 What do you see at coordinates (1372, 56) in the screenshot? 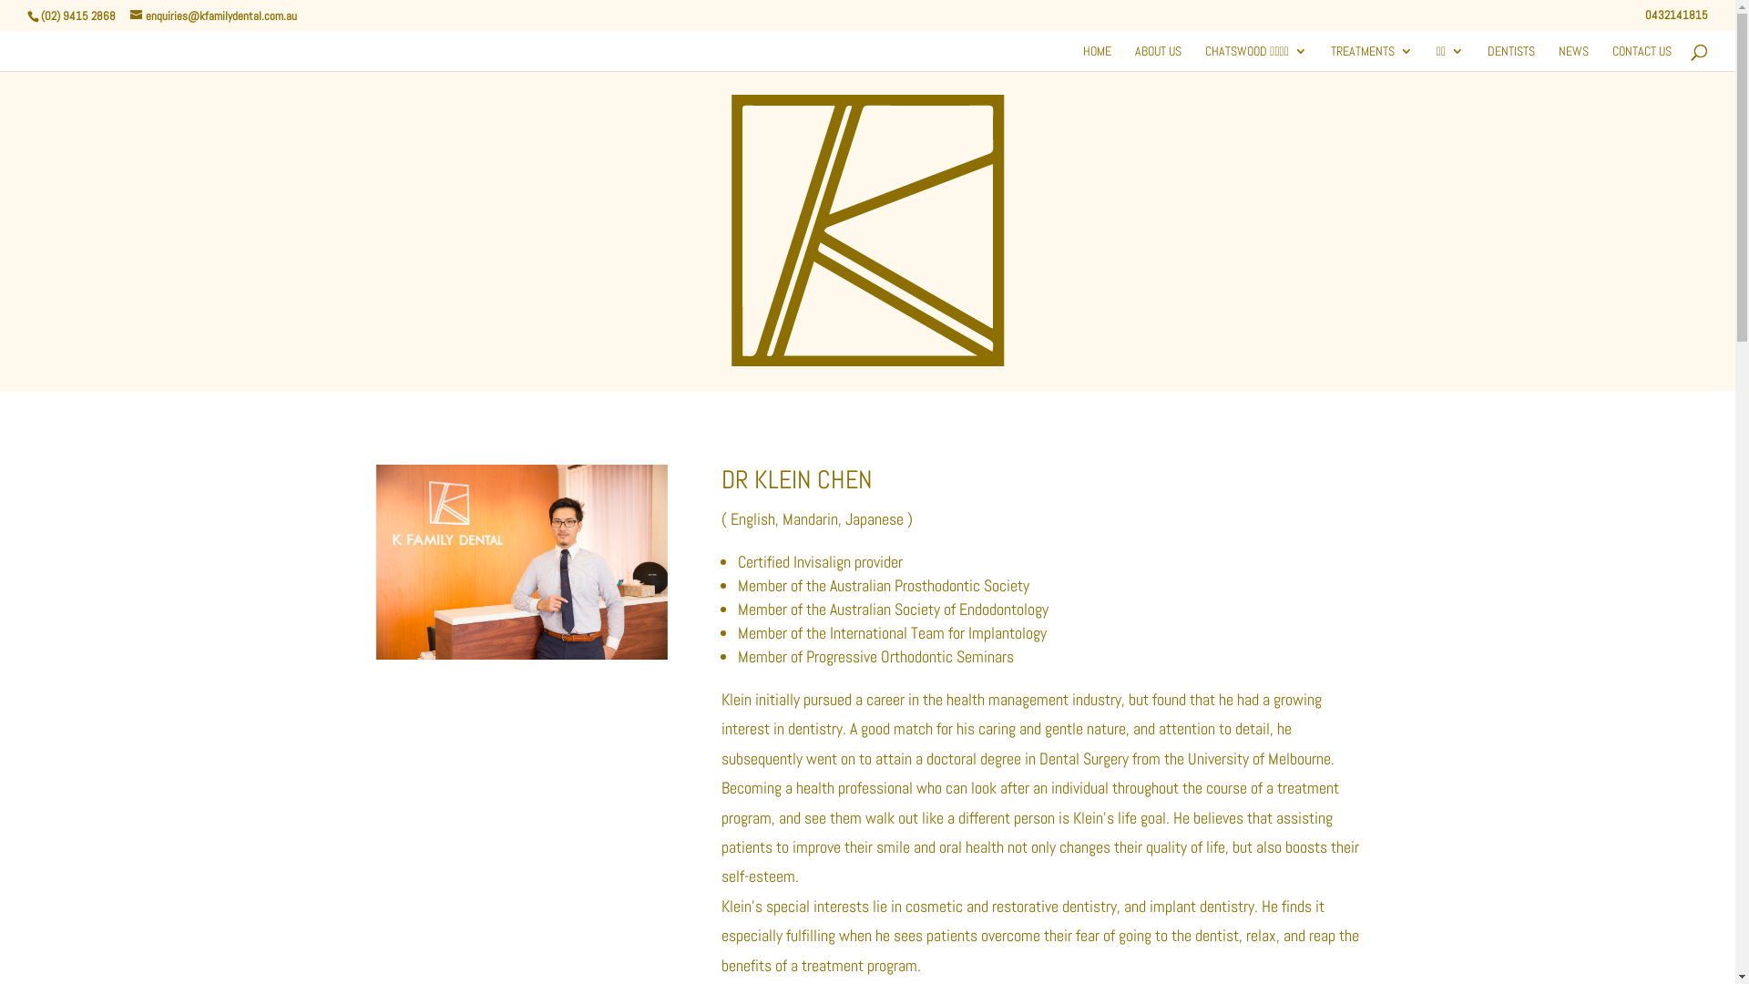
I see `'TREATMENTS'` at bounding box center [1372, 56].